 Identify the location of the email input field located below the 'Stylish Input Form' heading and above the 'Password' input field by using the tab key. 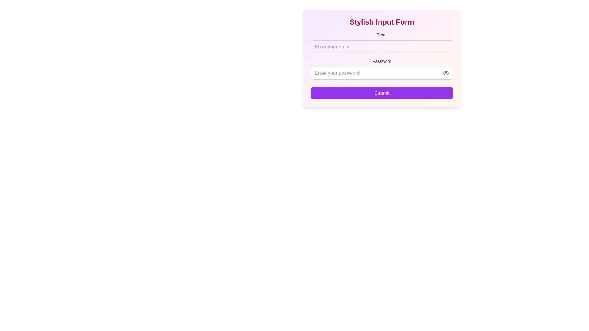
(381, 42).